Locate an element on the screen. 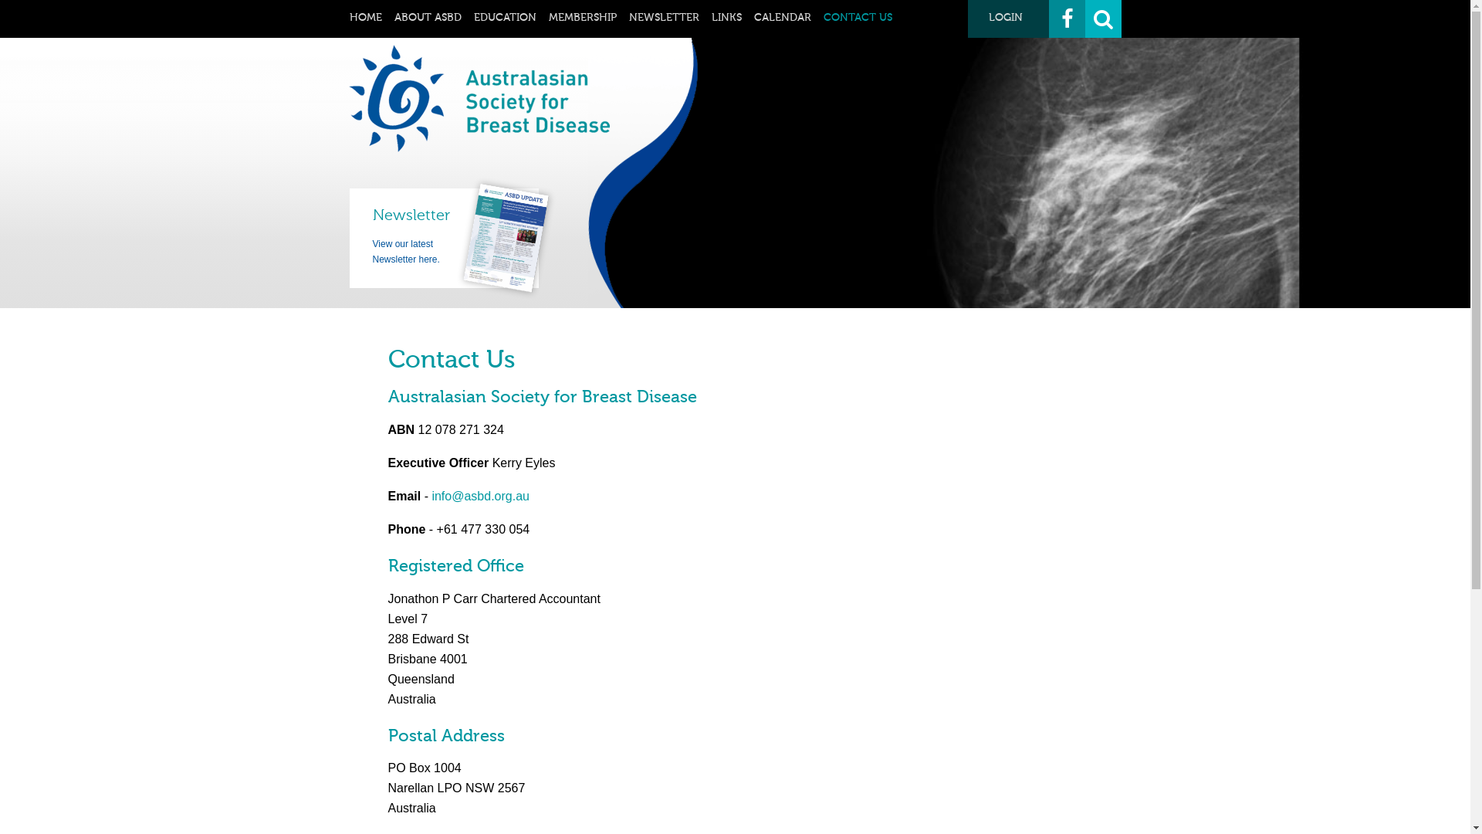 The image size is (1482, 834). 'CONTACT US' is located at coordinates (821, 18).